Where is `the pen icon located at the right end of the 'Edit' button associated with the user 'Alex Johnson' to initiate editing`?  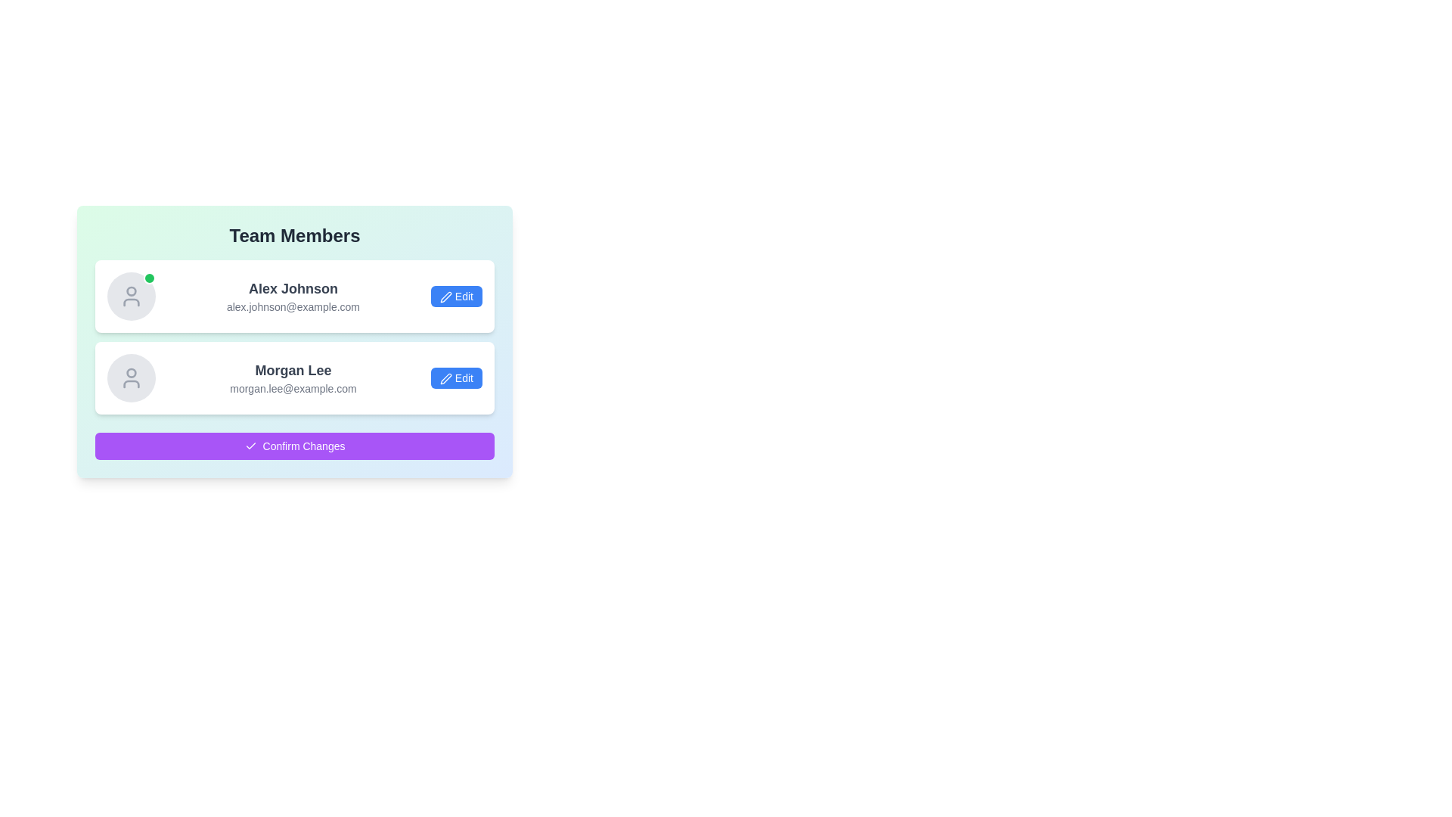 the pen icon located at the right end of the 'Edit' button associated with the user 'Alex Johnson' to initiate editing is located at coordinates (445, 297).